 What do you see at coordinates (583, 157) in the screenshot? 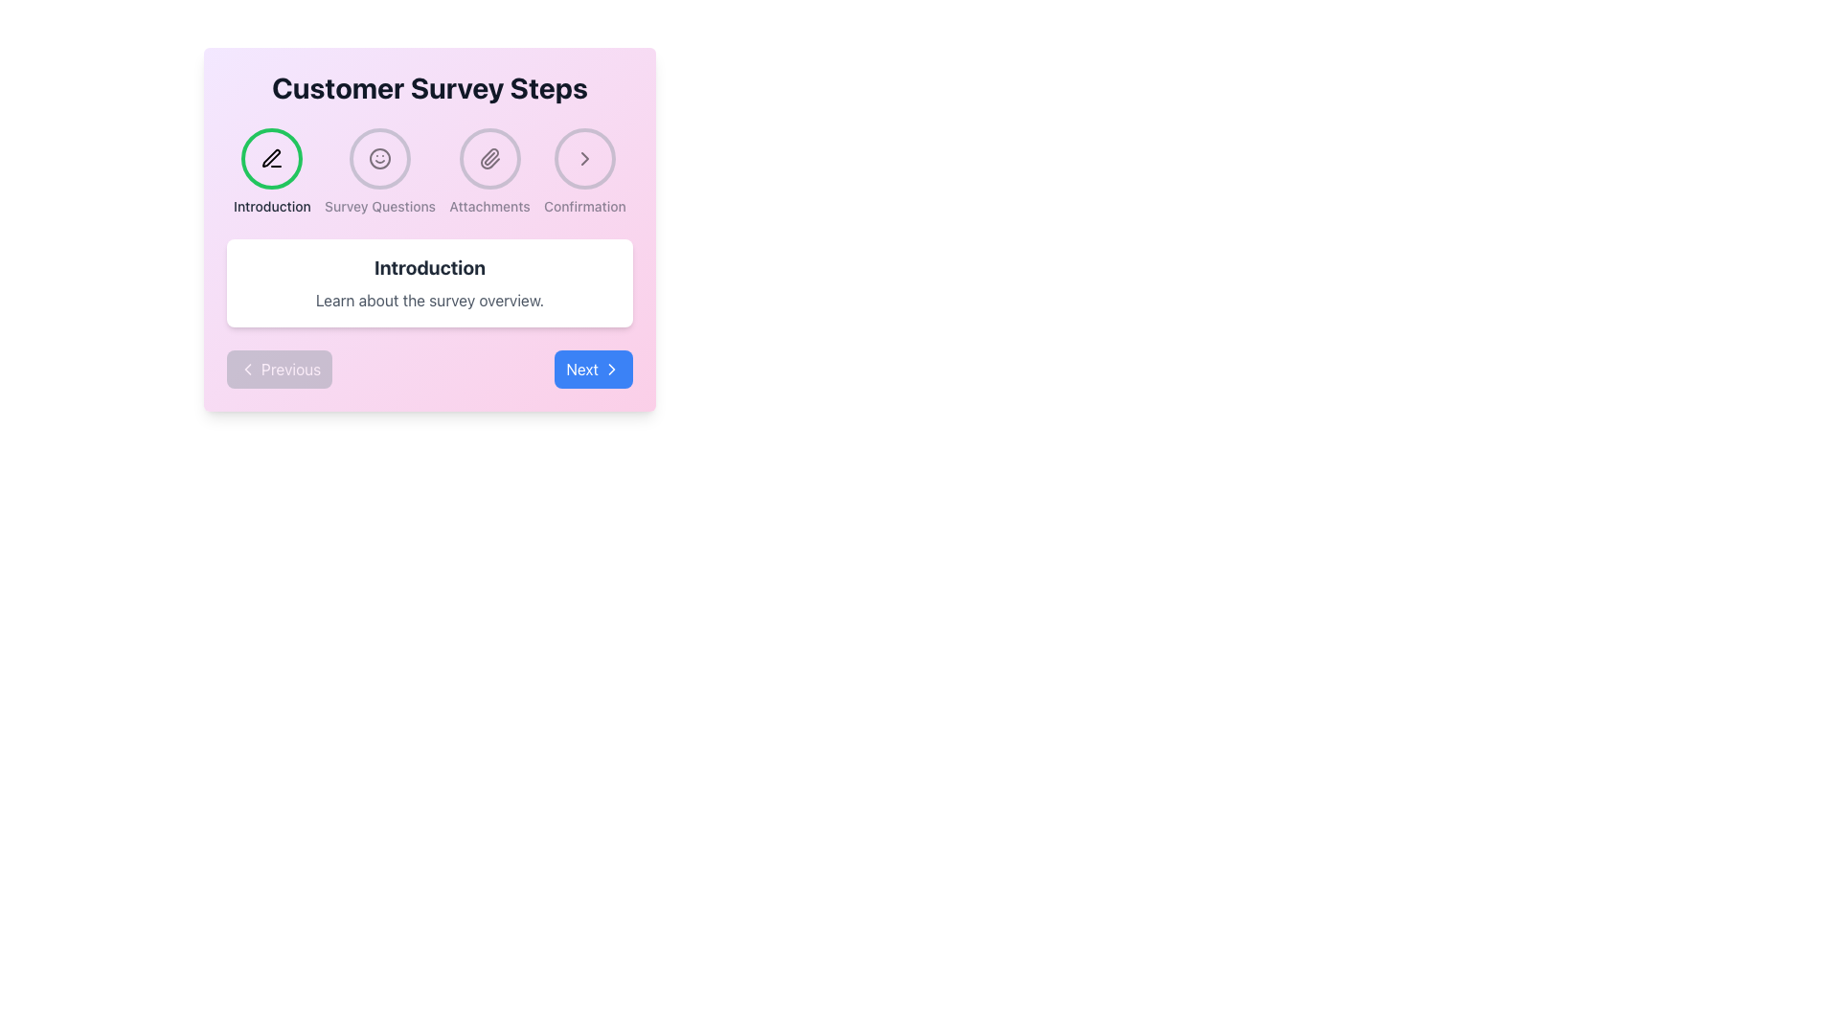
I see `the Step Indicator Button, which is a circular button with a gray border and a right-facing chevron arrow icon at its center, located as the fourth step in the 'Customer Survey Steps' navigation` at bounding box center [583, 157].